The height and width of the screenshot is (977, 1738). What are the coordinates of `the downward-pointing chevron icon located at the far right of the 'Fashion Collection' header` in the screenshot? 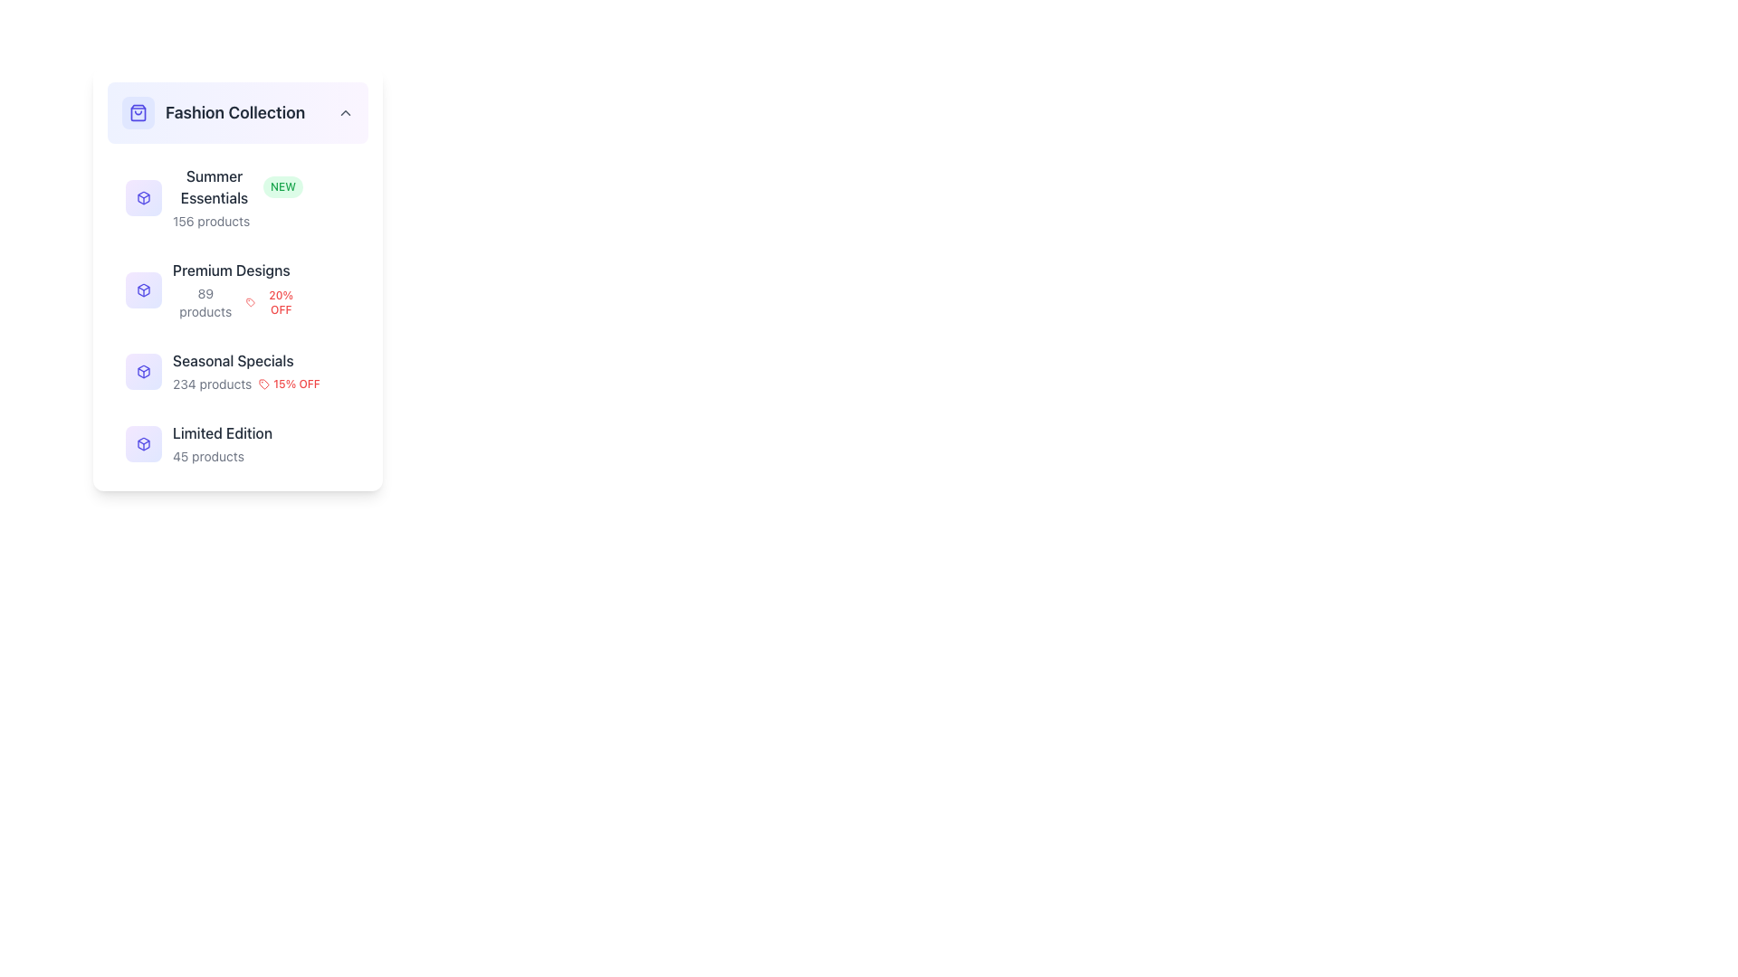 It's located at (346, 112).